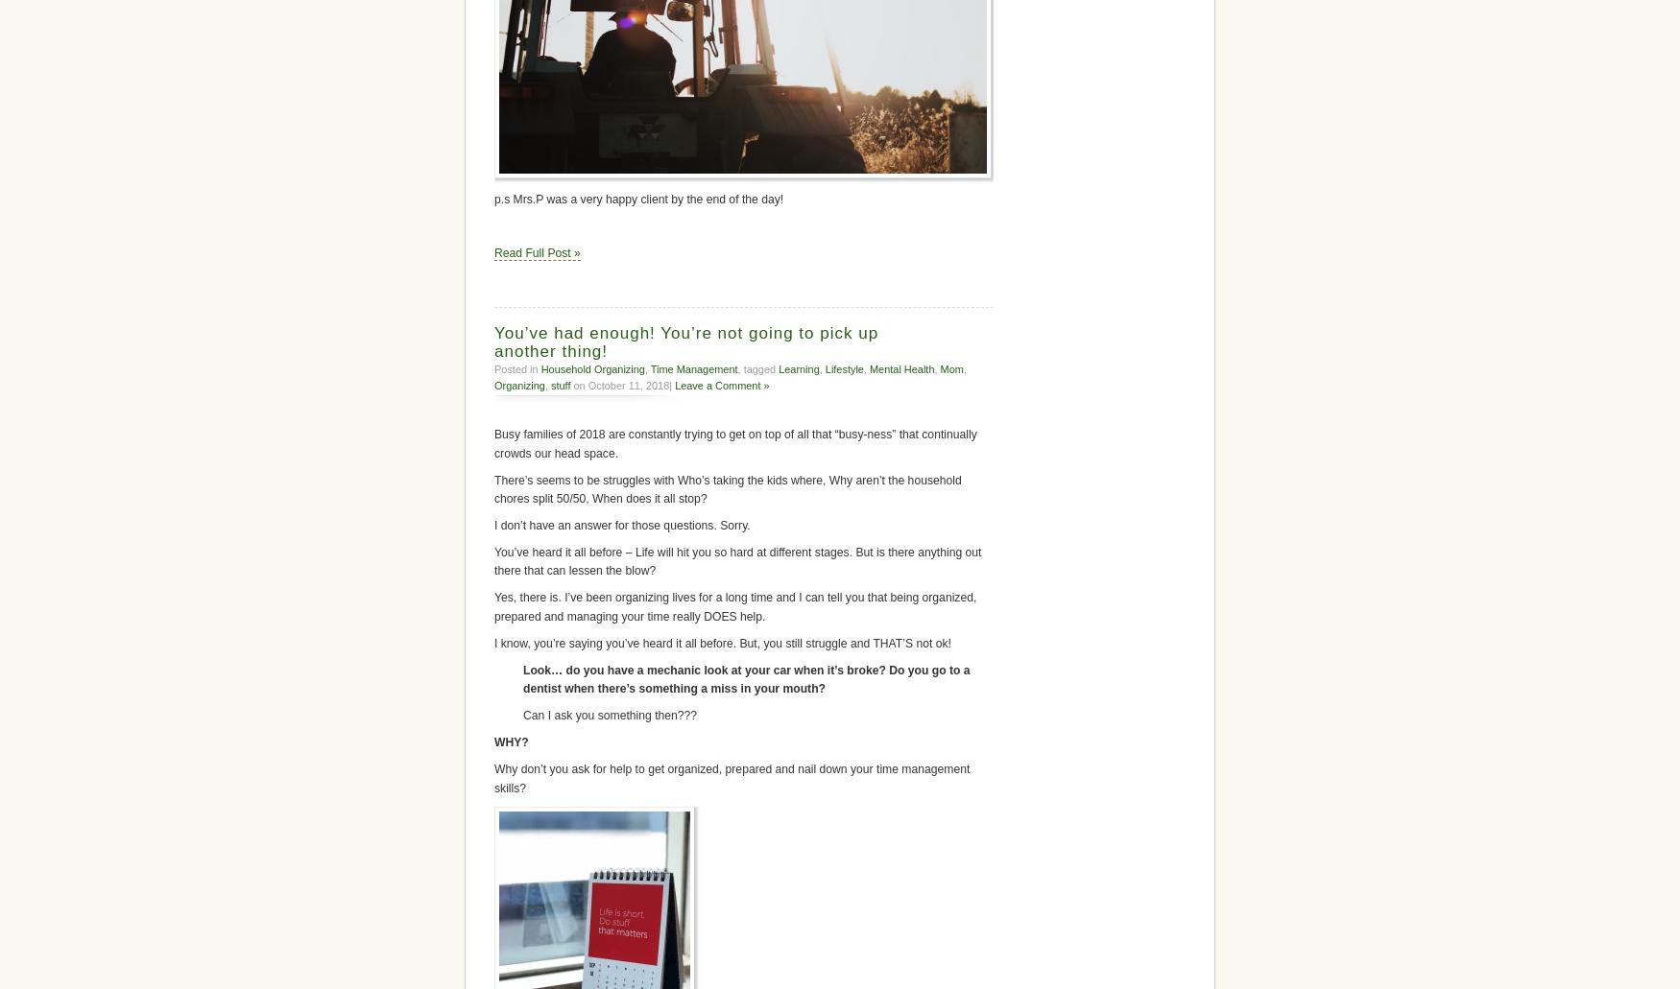 Image resolution: width=1680 pixels, height=989 pixels. Describe the element at coordinates (686, 341) in the screenshot. I see `'You’ve had enough! You’re not going to pick up another thing!'` at that location.